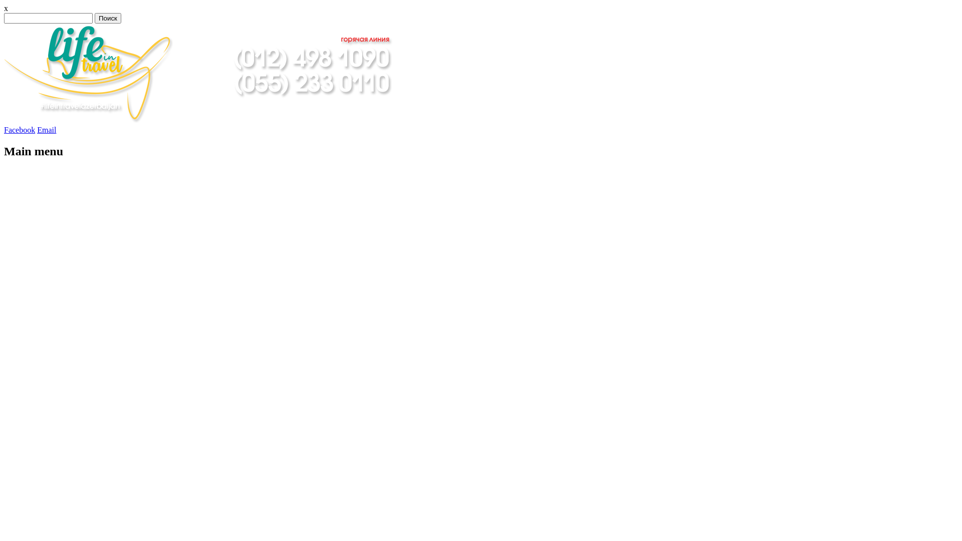 Image resolution: width=962 pixels, height=541 pixels. What do you see at coordinates (19, 129) in the screenshot?
I see `'Facebook'` at bounding box center [19, 129].